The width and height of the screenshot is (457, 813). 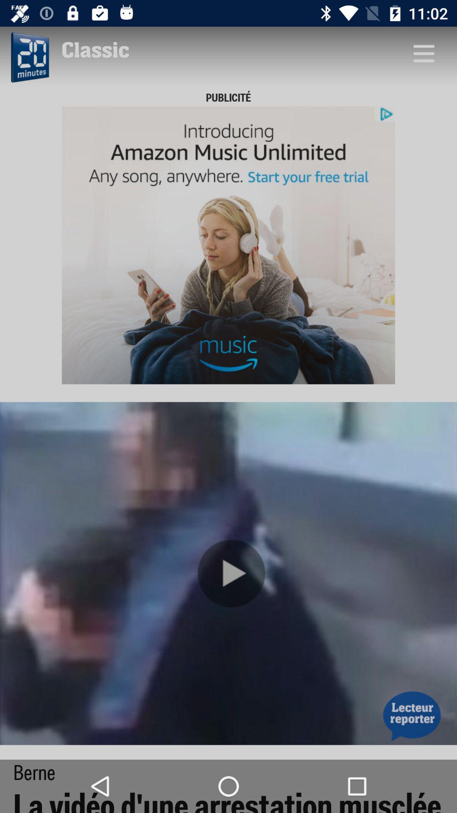 I want to click on time, so click(x=28, y=57).